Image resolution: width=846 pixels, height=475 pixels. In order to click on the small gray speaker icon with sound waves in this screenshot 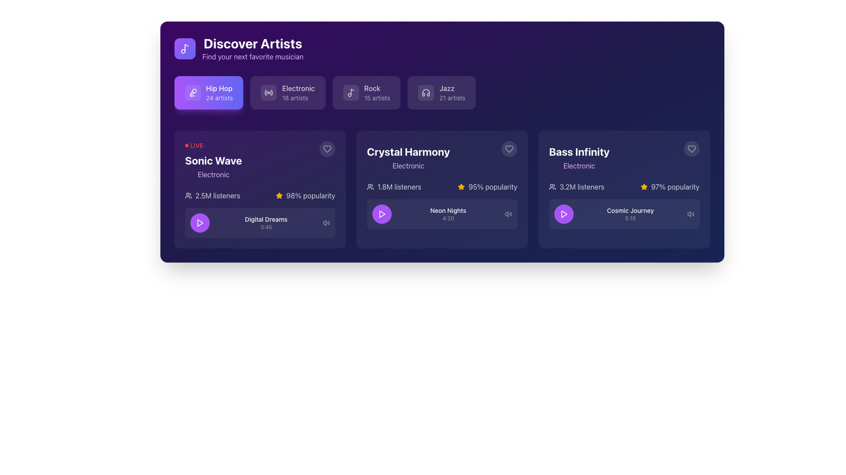, I will do `click(326, 222)`.